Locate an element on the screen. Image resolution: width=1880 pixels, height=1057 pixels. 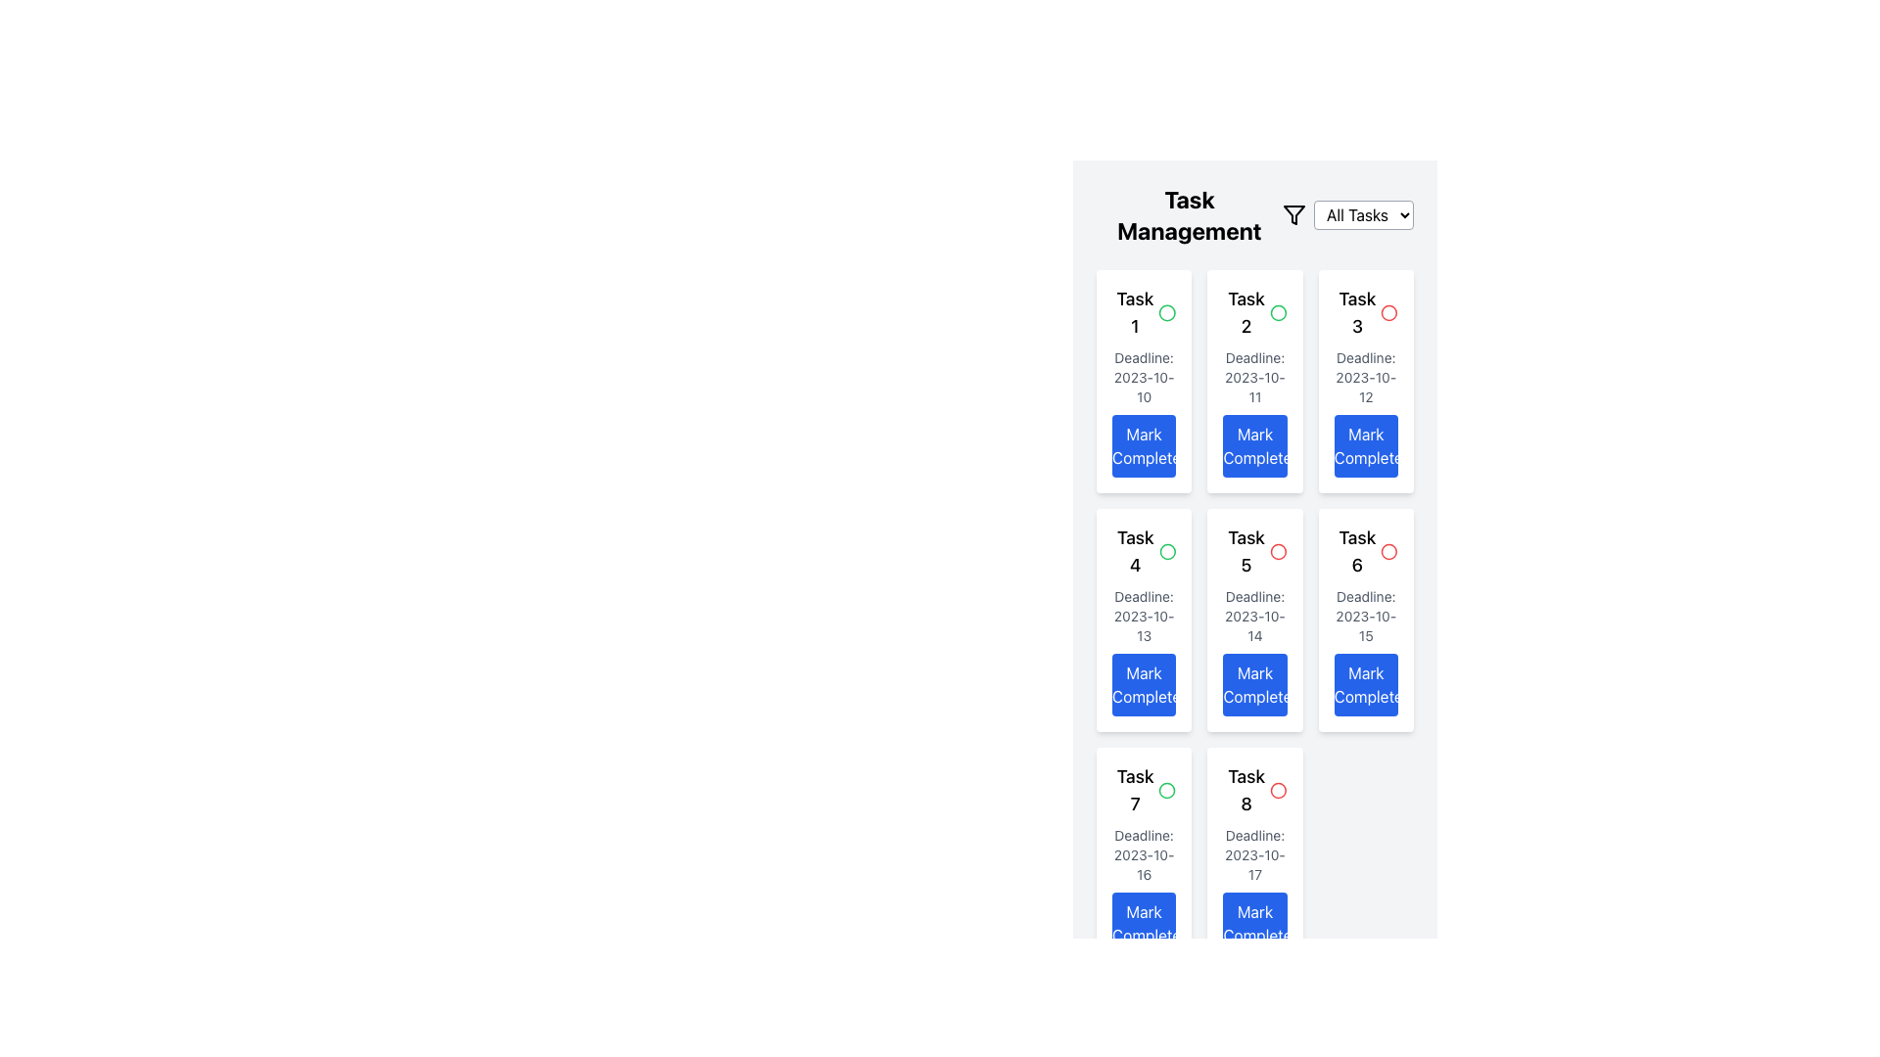
the button on the sixth task card in the second column, third row to mark the task as completed is located at coordinates (1365, 620).